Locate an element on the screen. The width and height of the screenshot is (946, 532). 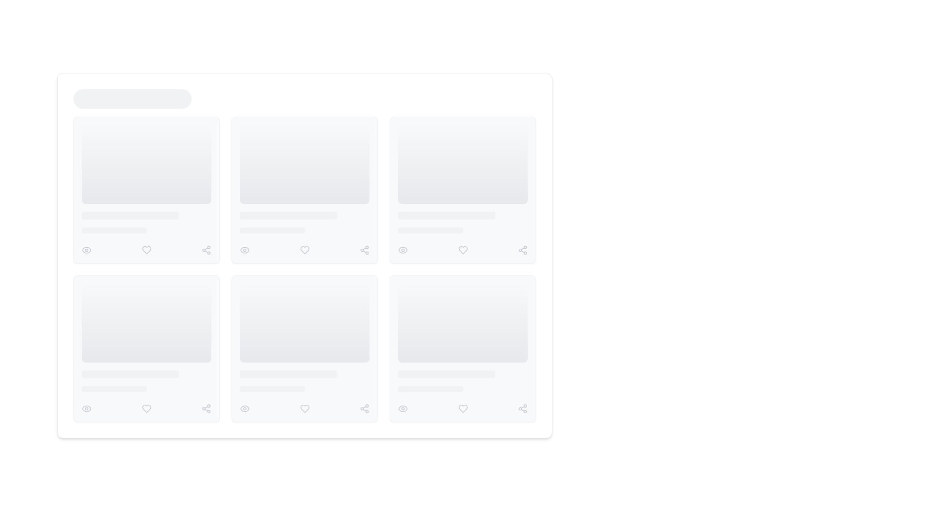
the eye-shaped icon styled with gray color, located in the first card of the second row in a grid layout, positioned between the heart icon and other card content is located at coordinates (245, 250).